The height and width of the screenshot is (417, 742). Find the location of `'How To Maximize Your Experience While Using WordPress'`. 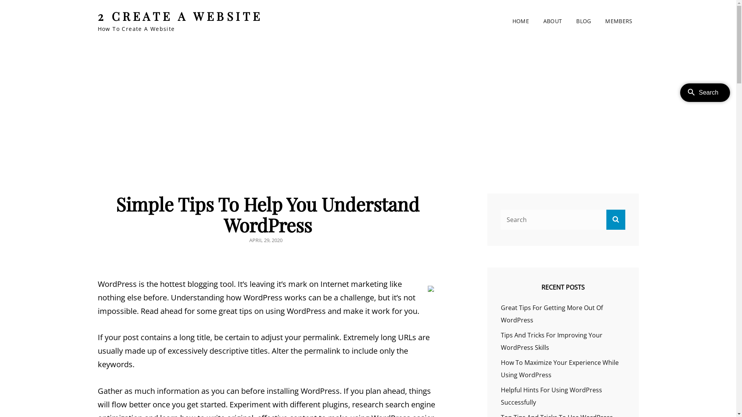

'How To Maximize Your Experience While Using WordPress' is located at coordinates (560, 368).